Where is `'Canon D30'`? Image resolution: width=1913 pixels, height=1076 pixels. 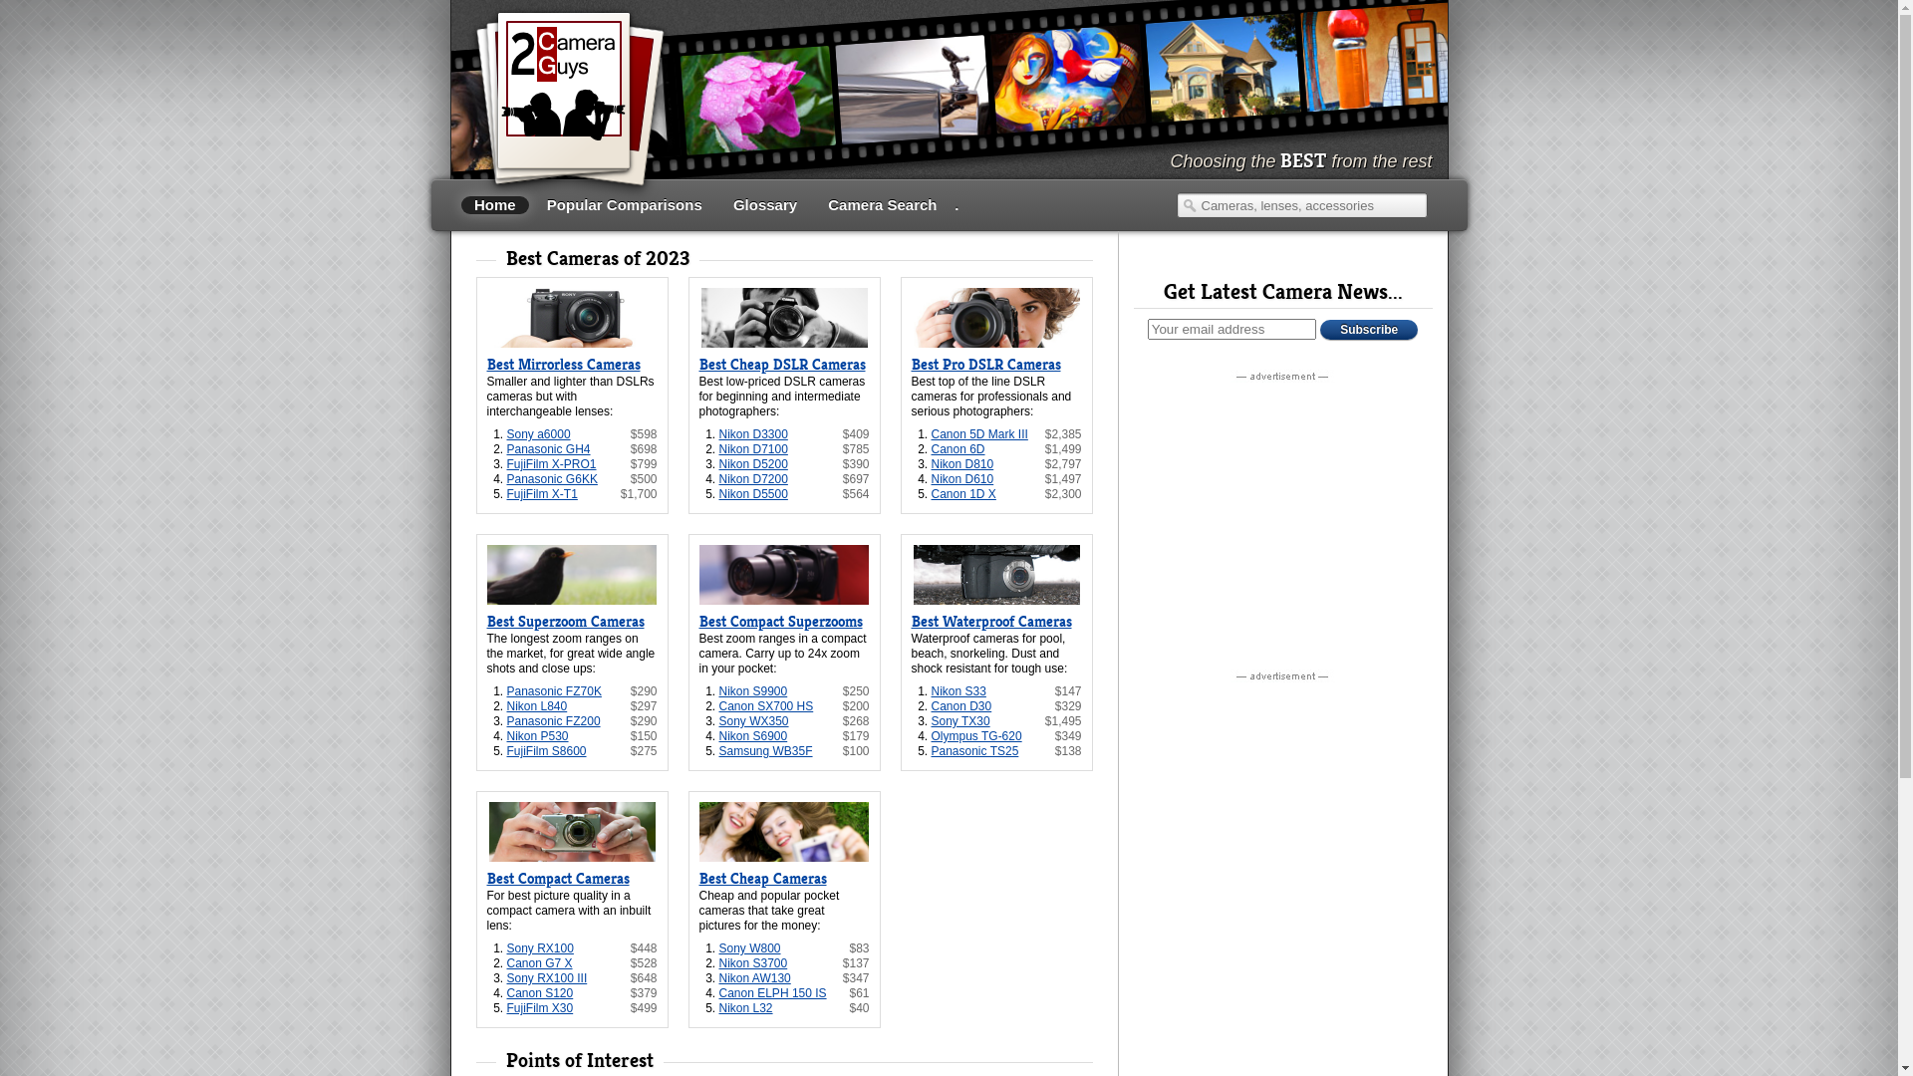
'Canon D30' is located at coordinates (960, 705).